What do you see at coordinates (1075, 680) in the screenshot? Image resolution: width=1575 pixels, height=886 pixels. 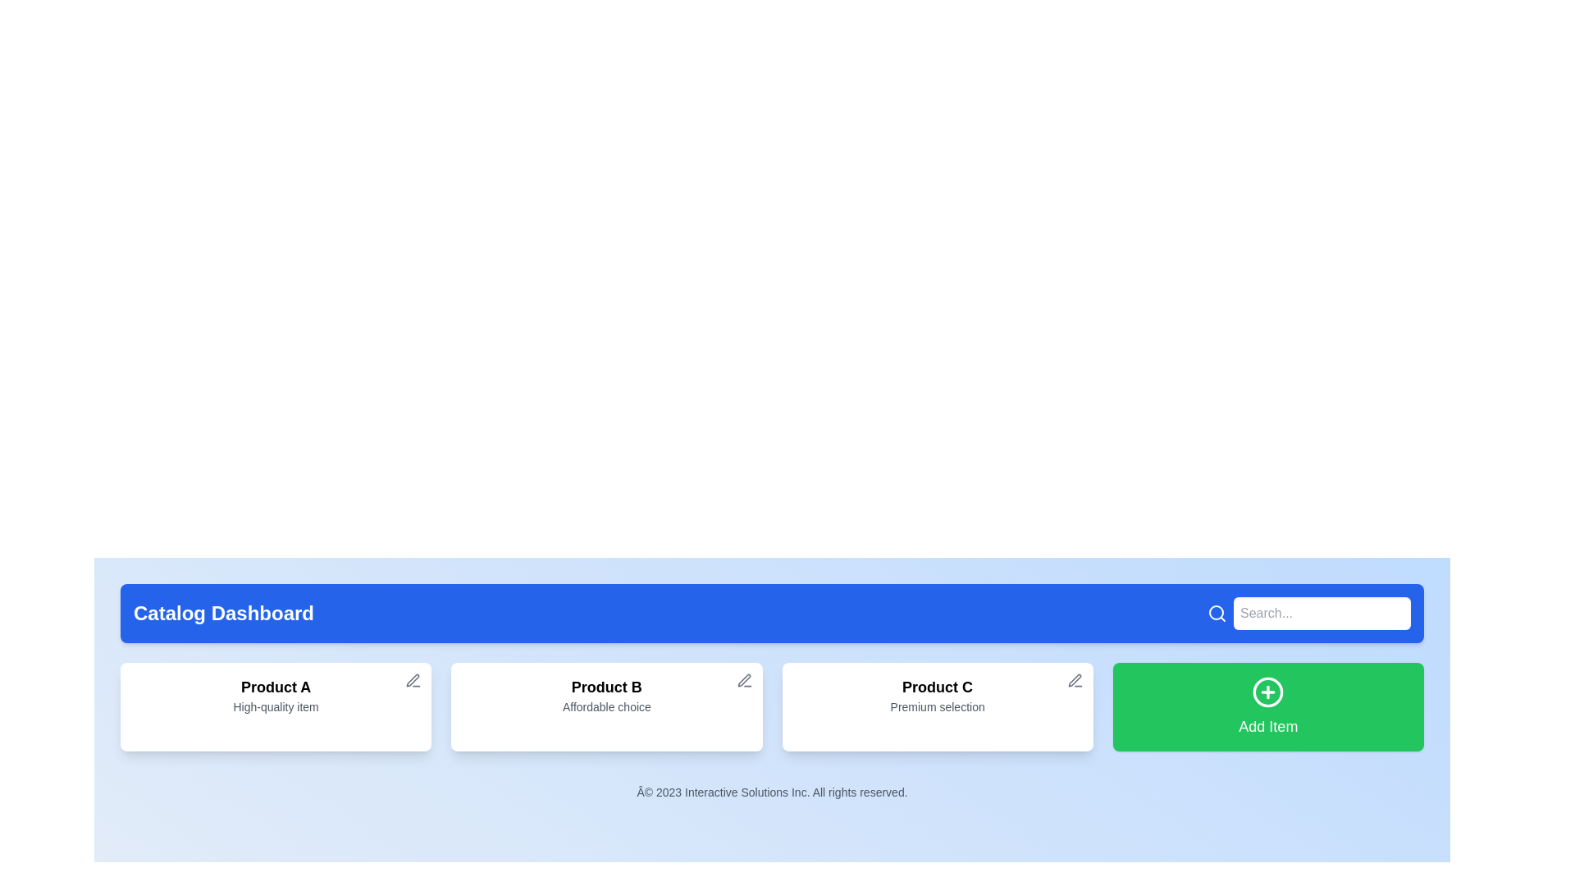 I see `the edit icon button located in the top-right corner of the card labeled 'Product C', which allows users to modify the card content` at bounding box center [1075, 680].